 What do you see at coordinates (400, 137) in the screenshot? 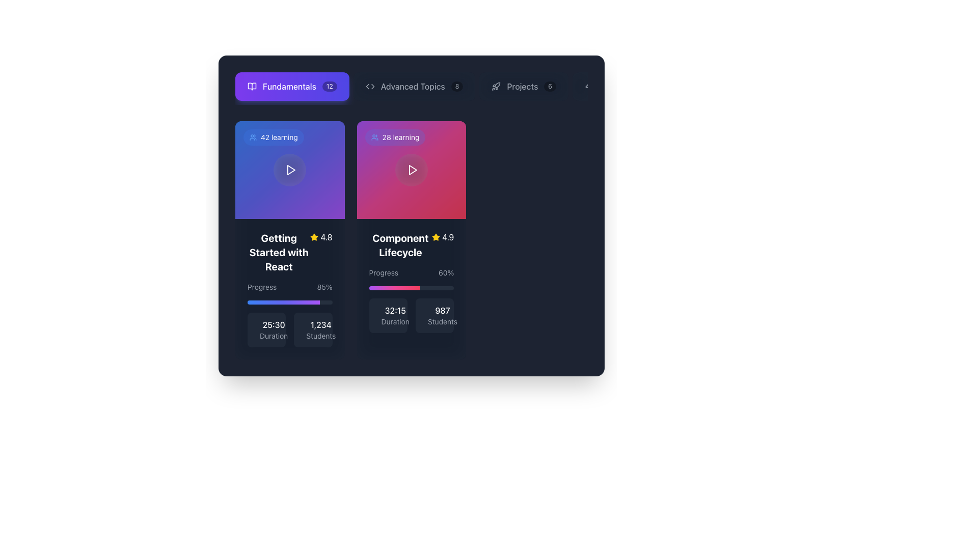
I see `the non-interactive text element displaying '28 learning' in white, located within the vibrant gradient background of the 'Component Lifecycle' card, to potentially reveal additional information` at bounding box center [400, 137].